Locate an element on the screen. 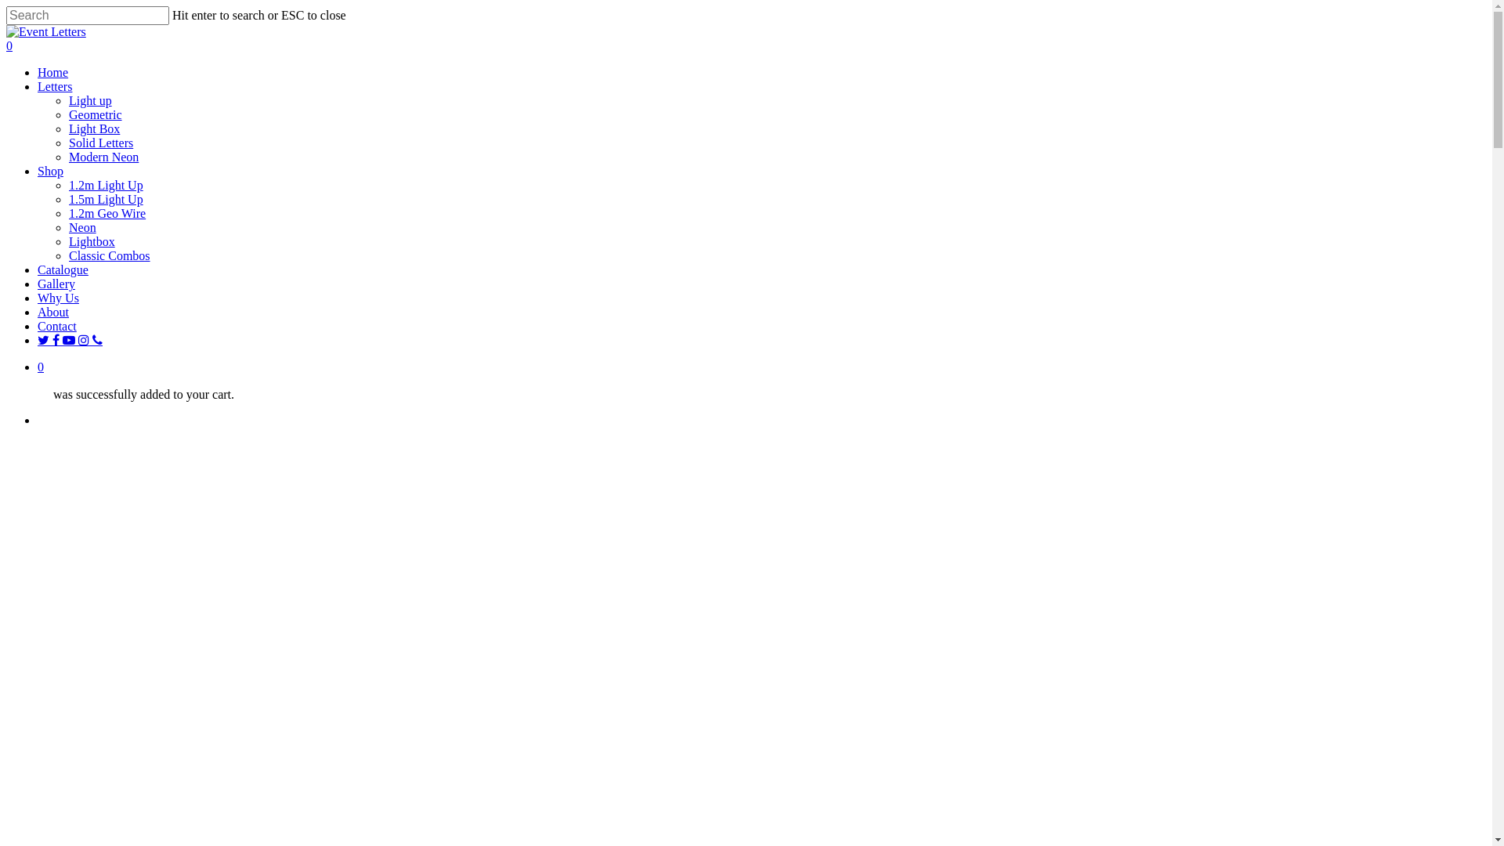  'Modern Neon' is located at coordinates (67, 157).